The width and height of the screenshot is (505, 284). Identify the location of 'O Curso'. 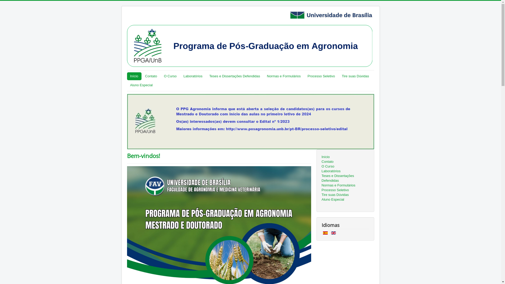
(170, 76).